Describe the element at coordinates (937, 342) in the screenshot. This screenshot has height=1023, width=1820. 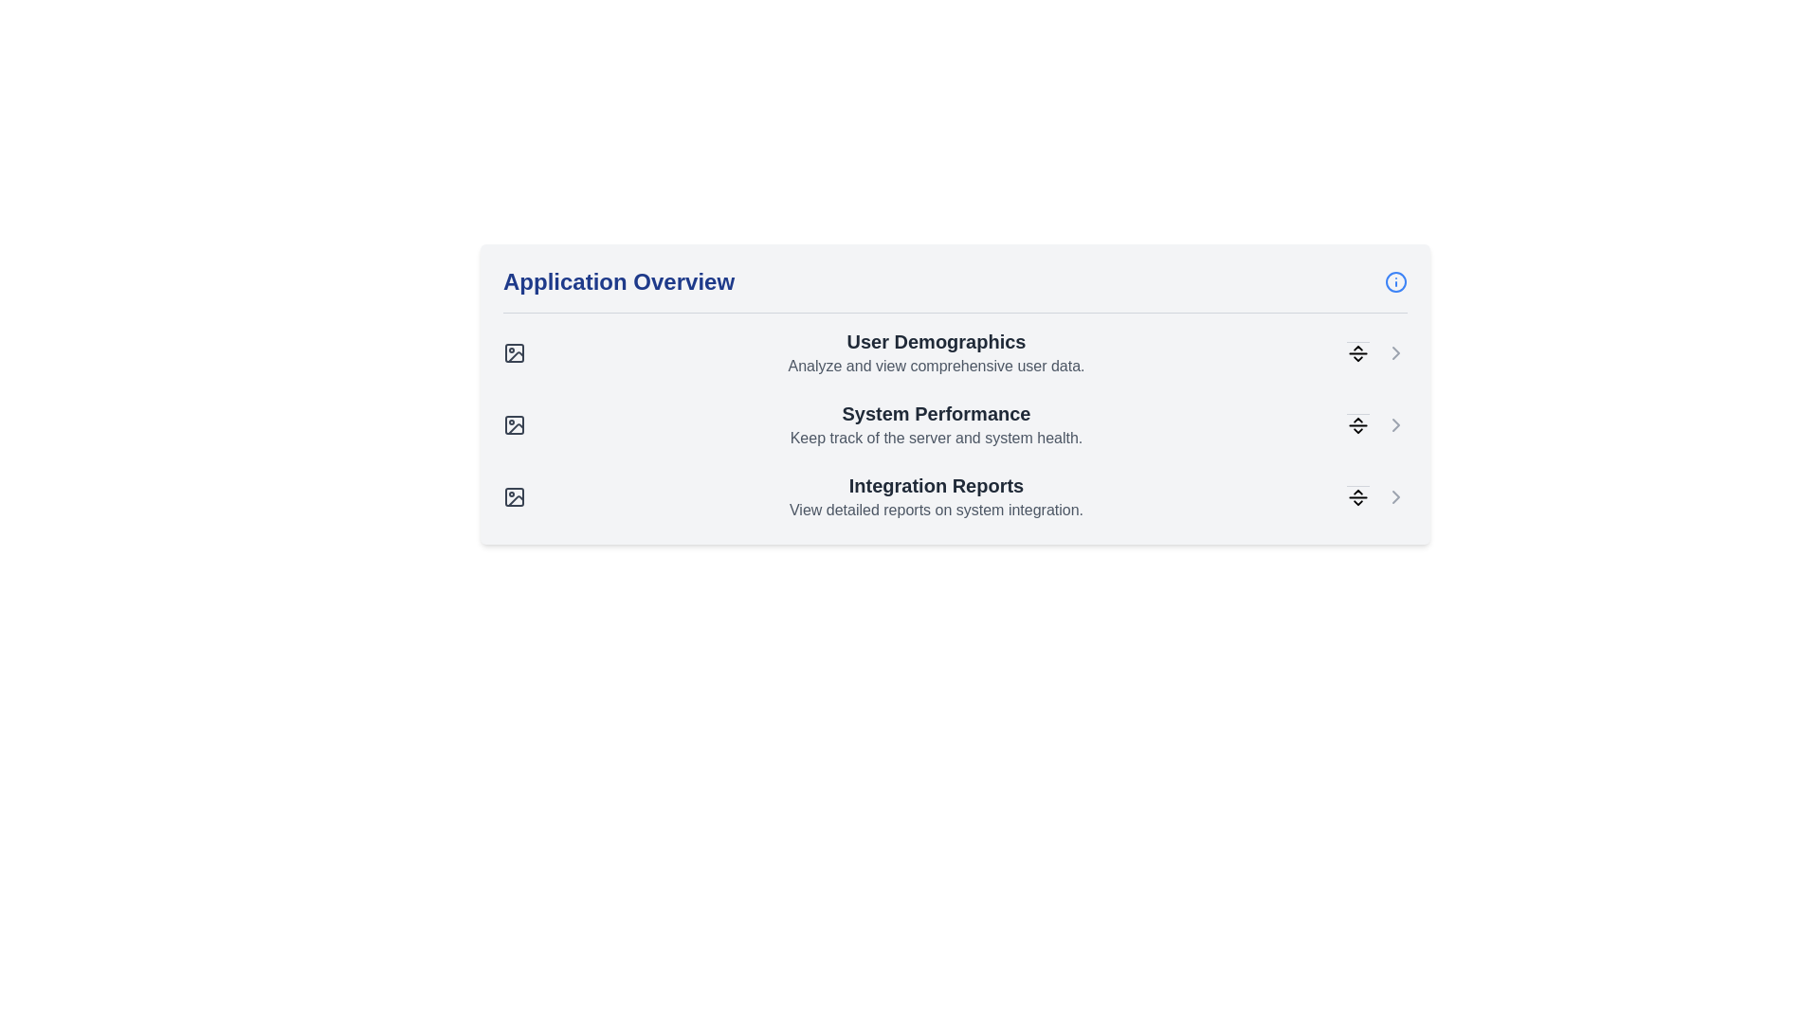
I see `the text label displaying 'User Demographics', which is styled with a large bold font and is dark gray in color, located below the 'Application Overview' header` at that location.